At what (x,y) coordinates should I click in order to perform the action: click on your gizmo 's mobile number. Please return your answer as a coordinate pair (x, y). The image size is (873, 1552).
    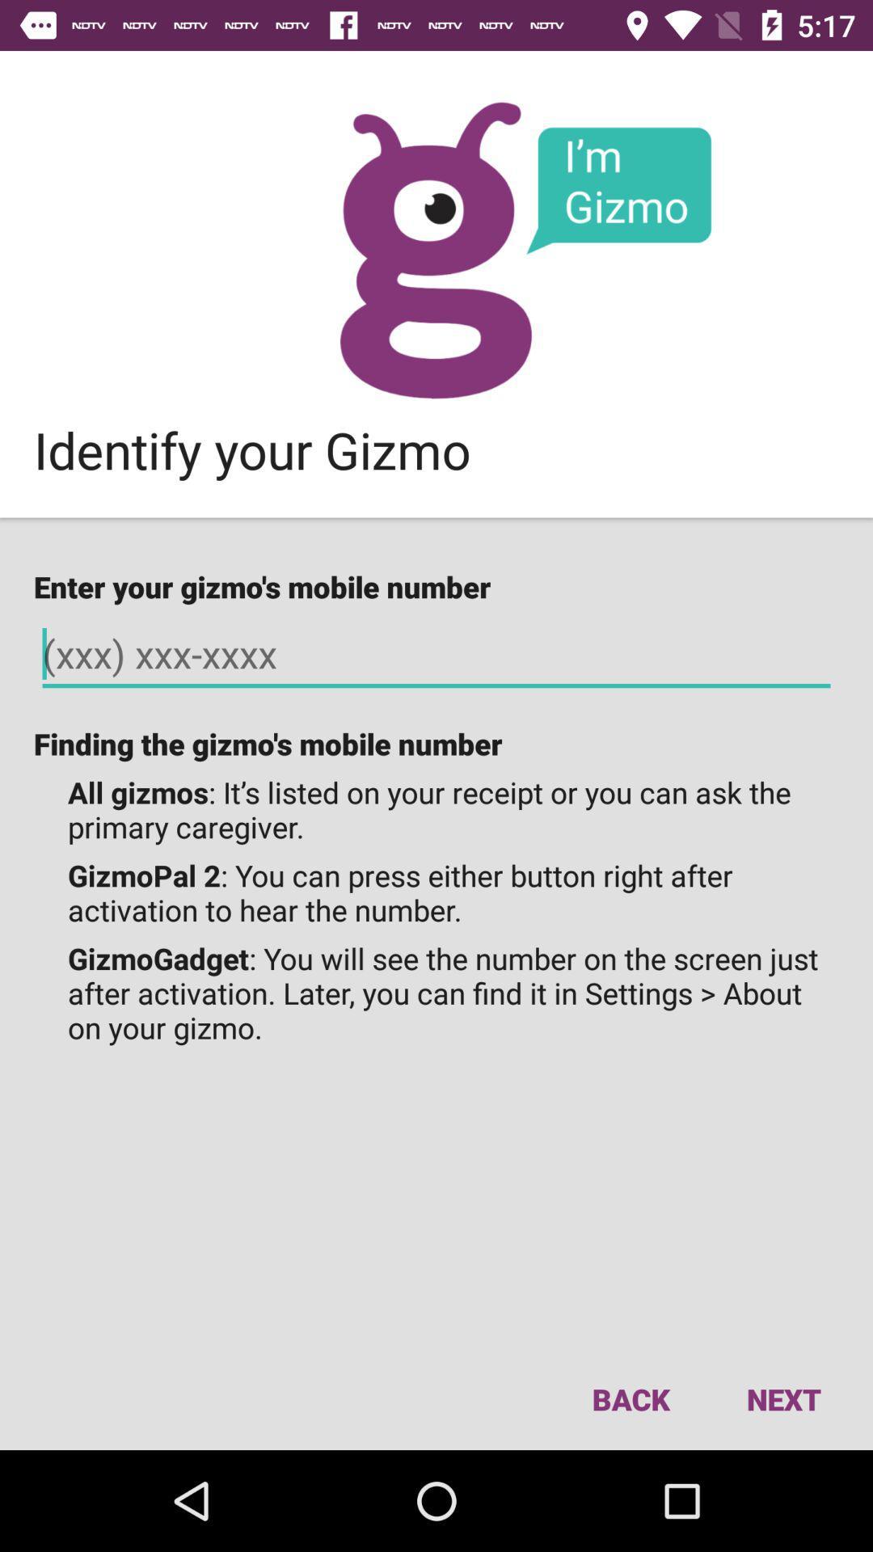
    Looking at the image, I should click on (436, 655).